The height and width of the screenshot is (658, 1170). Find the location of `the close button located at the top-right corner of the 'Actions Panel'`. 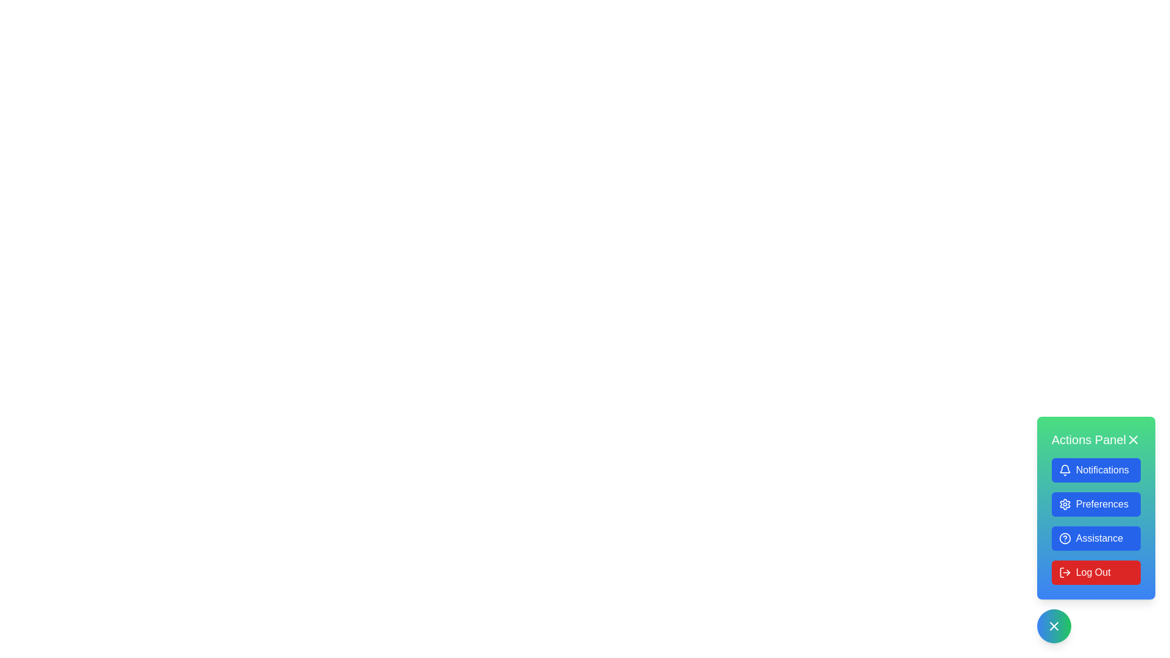

the close button located at the top-right corner of the 'Actions Panel' is located at coordinates (1053, 626).